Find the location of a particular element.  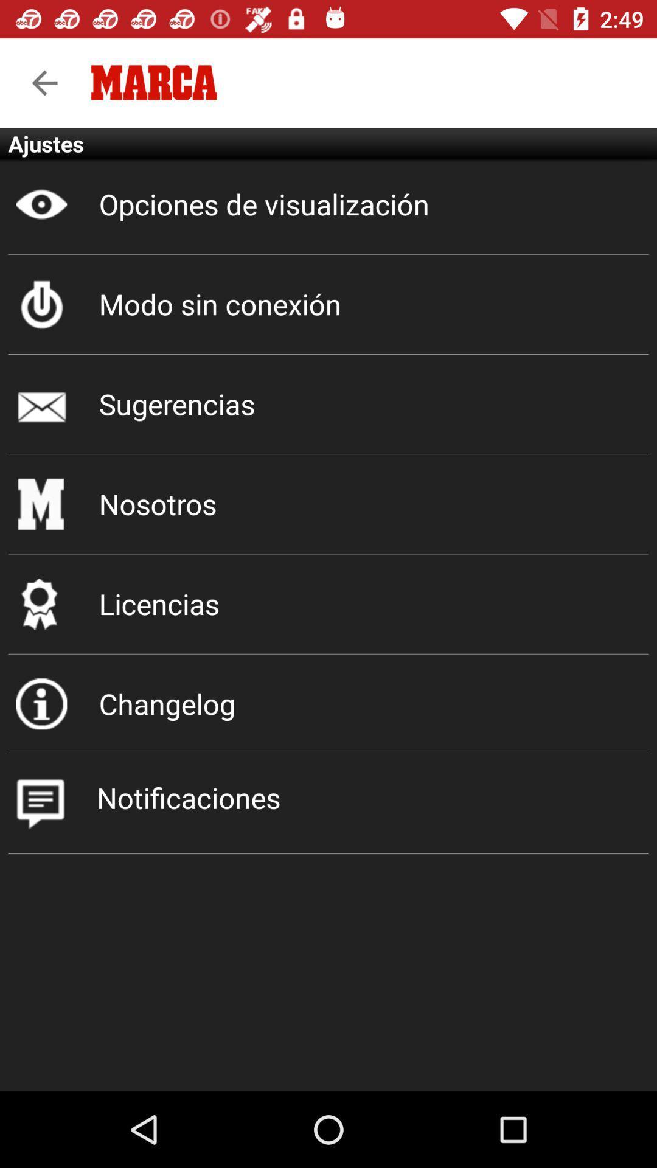

changelog item is located at coordinates (328, 704).